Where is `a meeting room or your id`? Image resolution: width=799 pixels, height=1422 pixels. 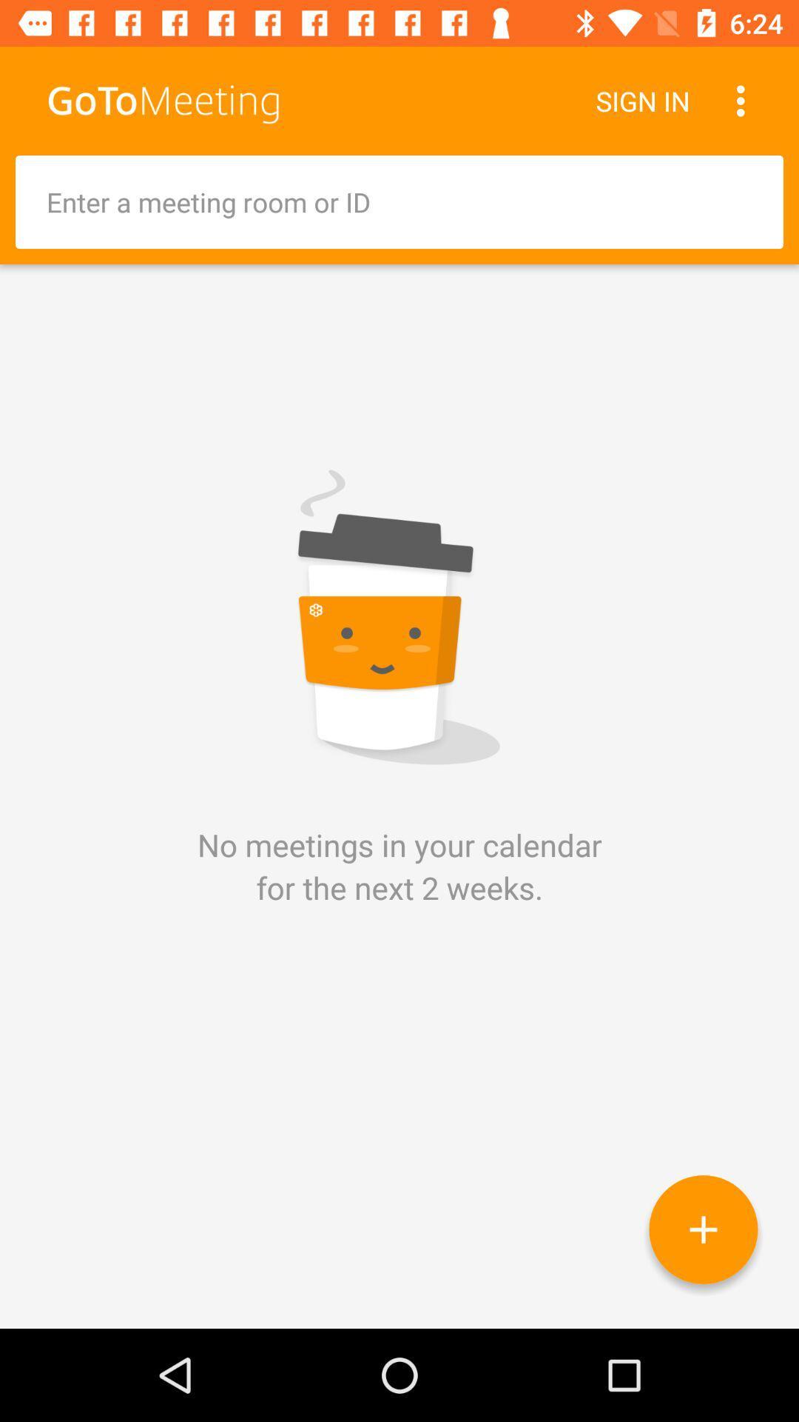 a meeting room or your id is located at coordinates (399, 201).